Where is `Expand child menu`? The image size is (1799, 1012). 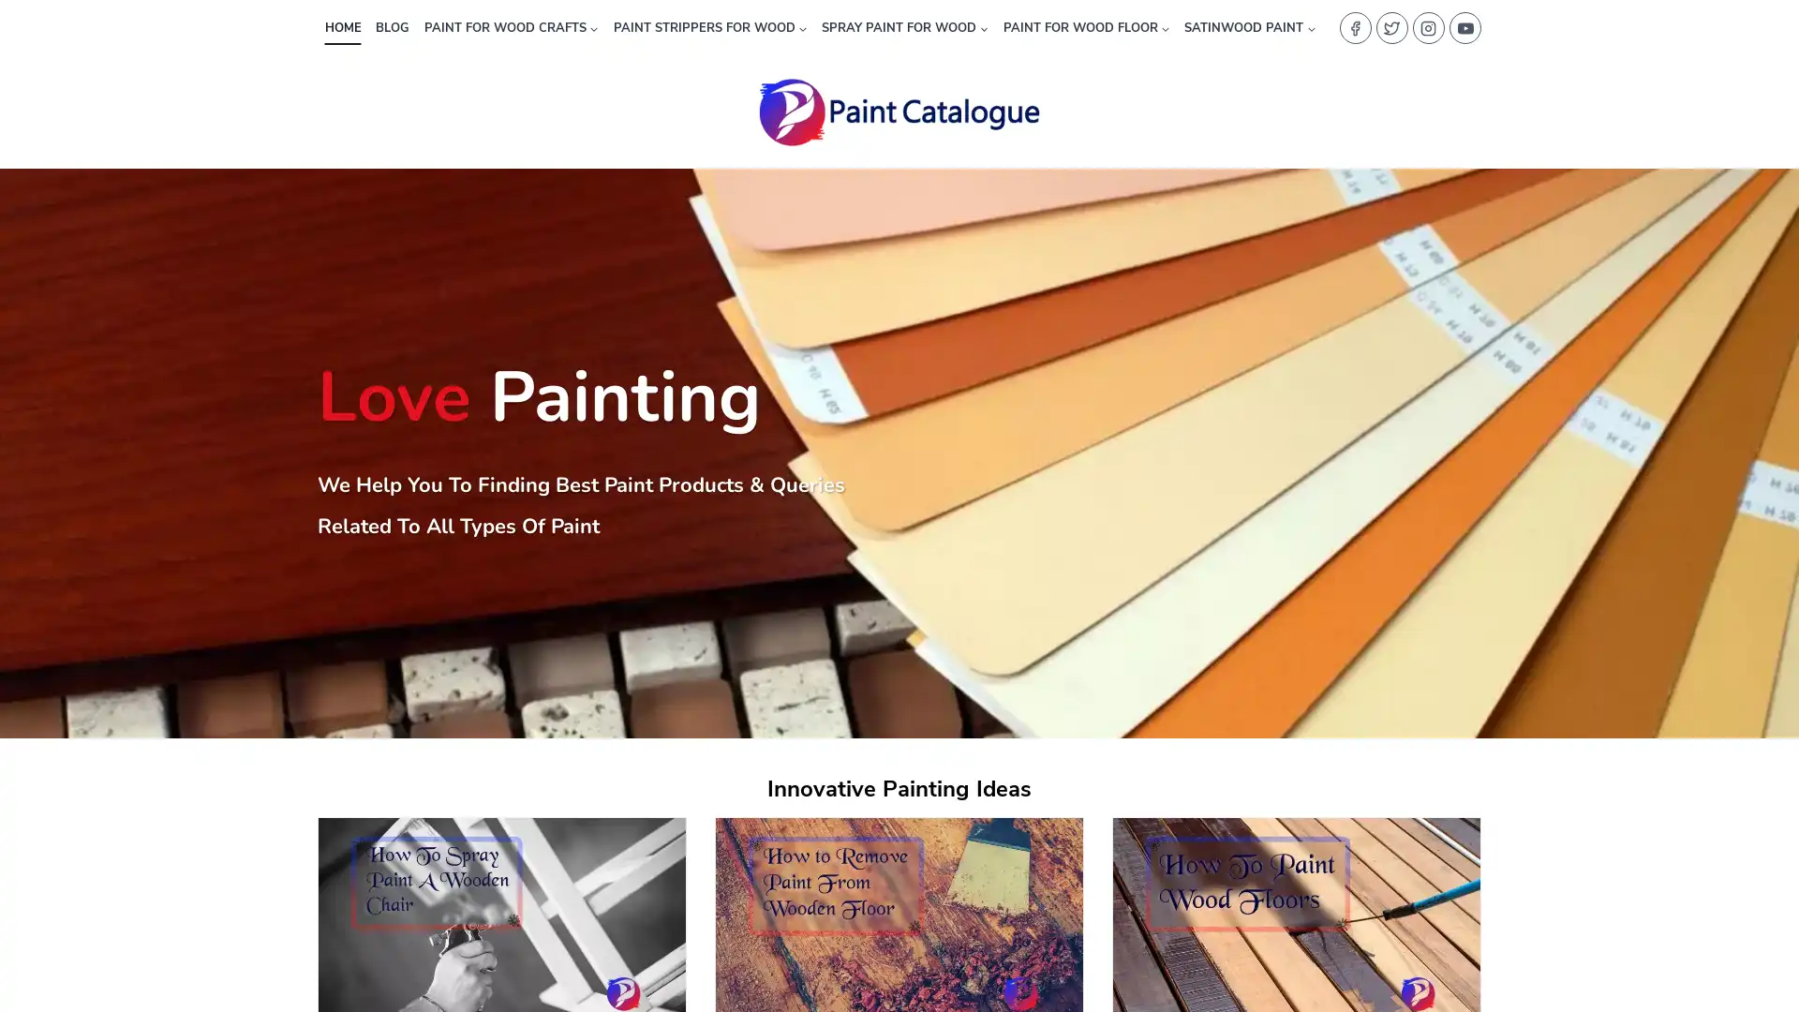
Expand child menu is located at coordinates (1250, 27).